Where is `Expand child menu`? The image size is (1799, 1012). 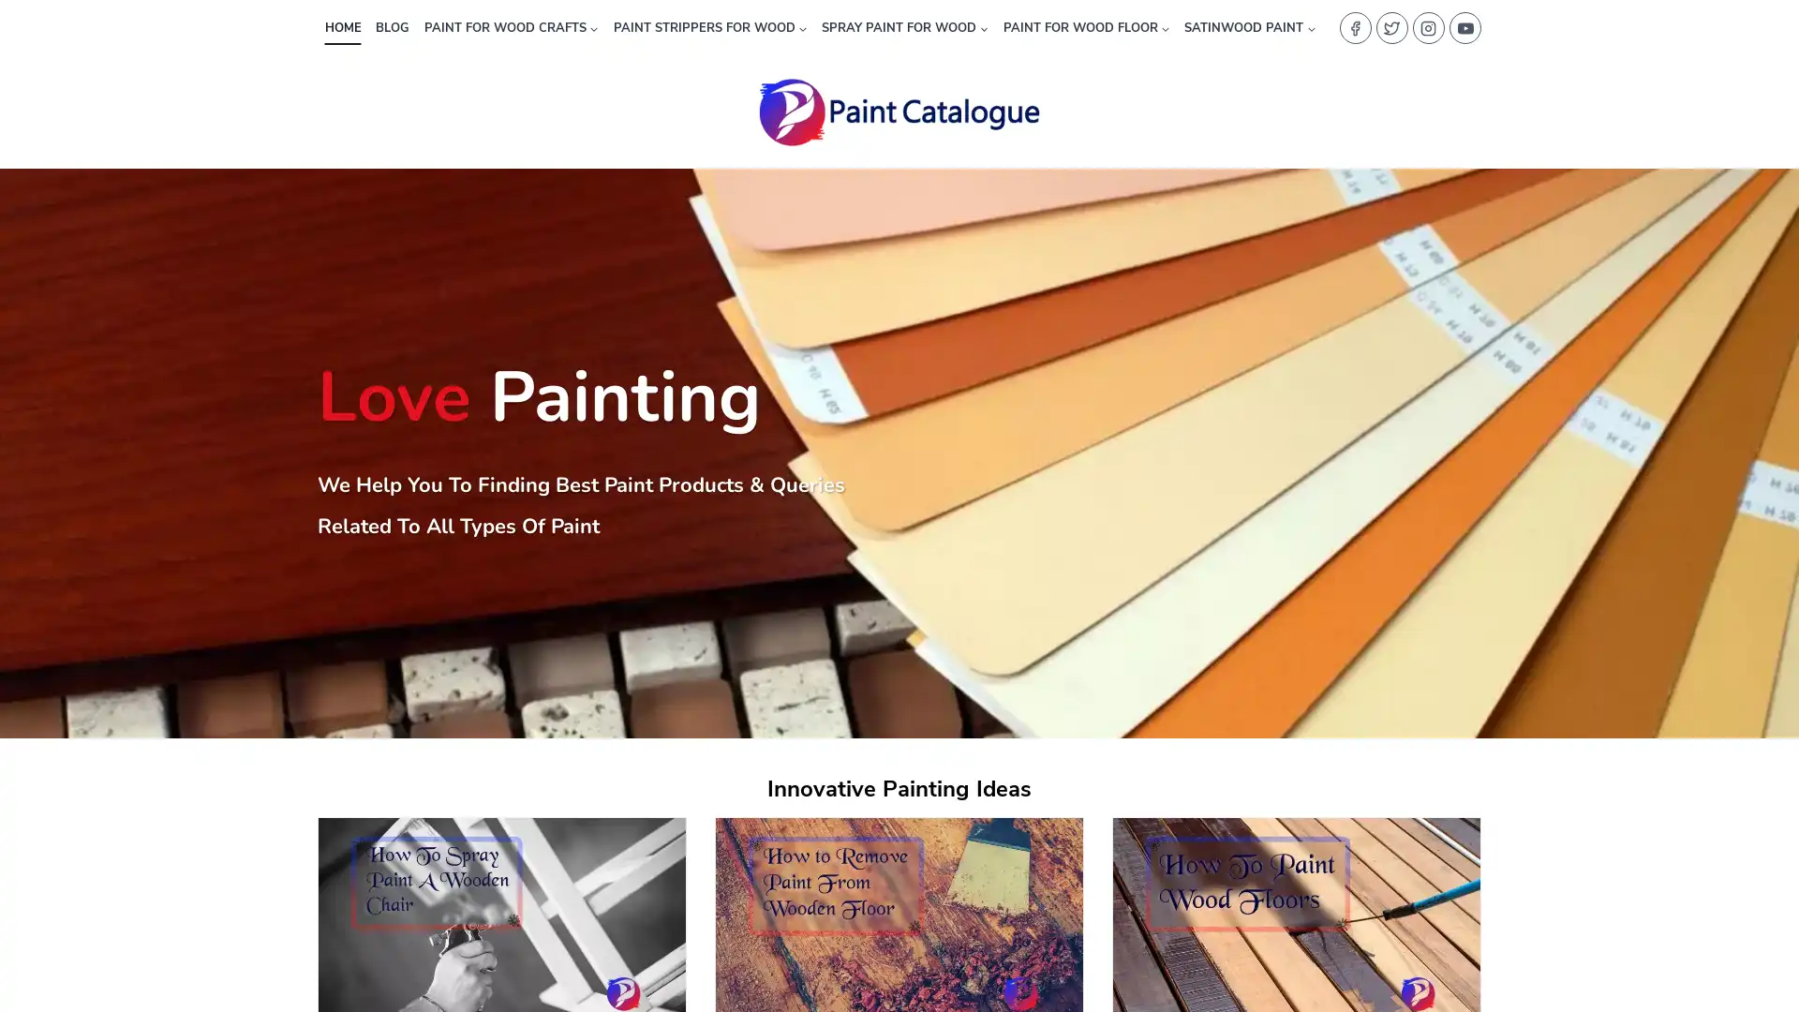
Expand child menu is located at coordinates (1250, 27).